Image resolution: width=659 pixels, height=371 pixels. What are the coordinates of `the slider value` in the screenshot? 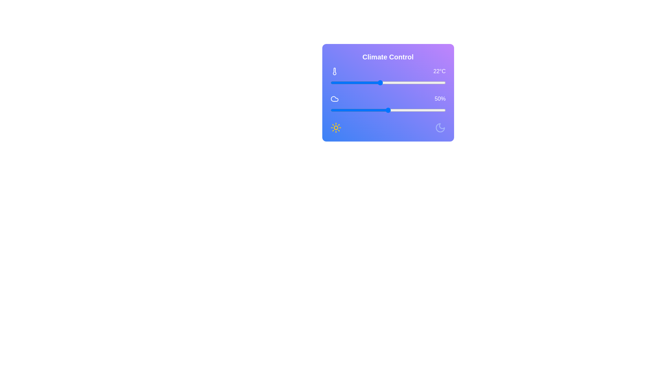 It's located at (374, 110).